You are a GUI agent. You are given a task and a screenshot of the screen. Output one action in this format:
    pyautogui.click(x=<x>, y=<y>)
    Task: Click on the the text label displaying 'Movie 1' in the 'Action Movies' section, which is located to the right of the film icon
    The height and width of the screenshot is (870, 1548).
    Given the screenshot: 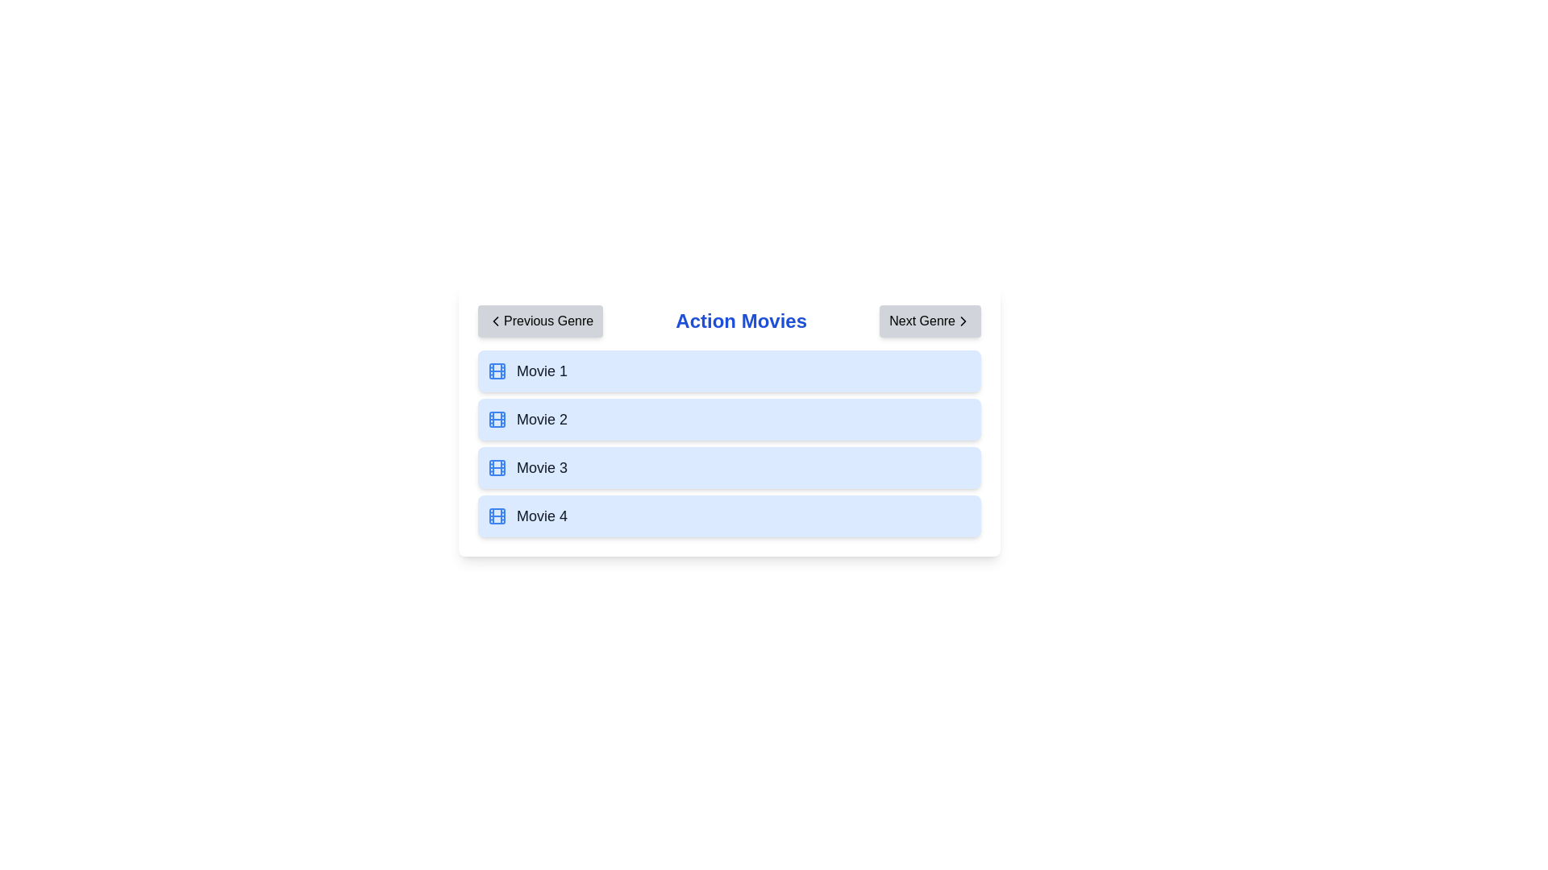 What is the action you would take?
    pyautogui.click(x=542, y=371)
    